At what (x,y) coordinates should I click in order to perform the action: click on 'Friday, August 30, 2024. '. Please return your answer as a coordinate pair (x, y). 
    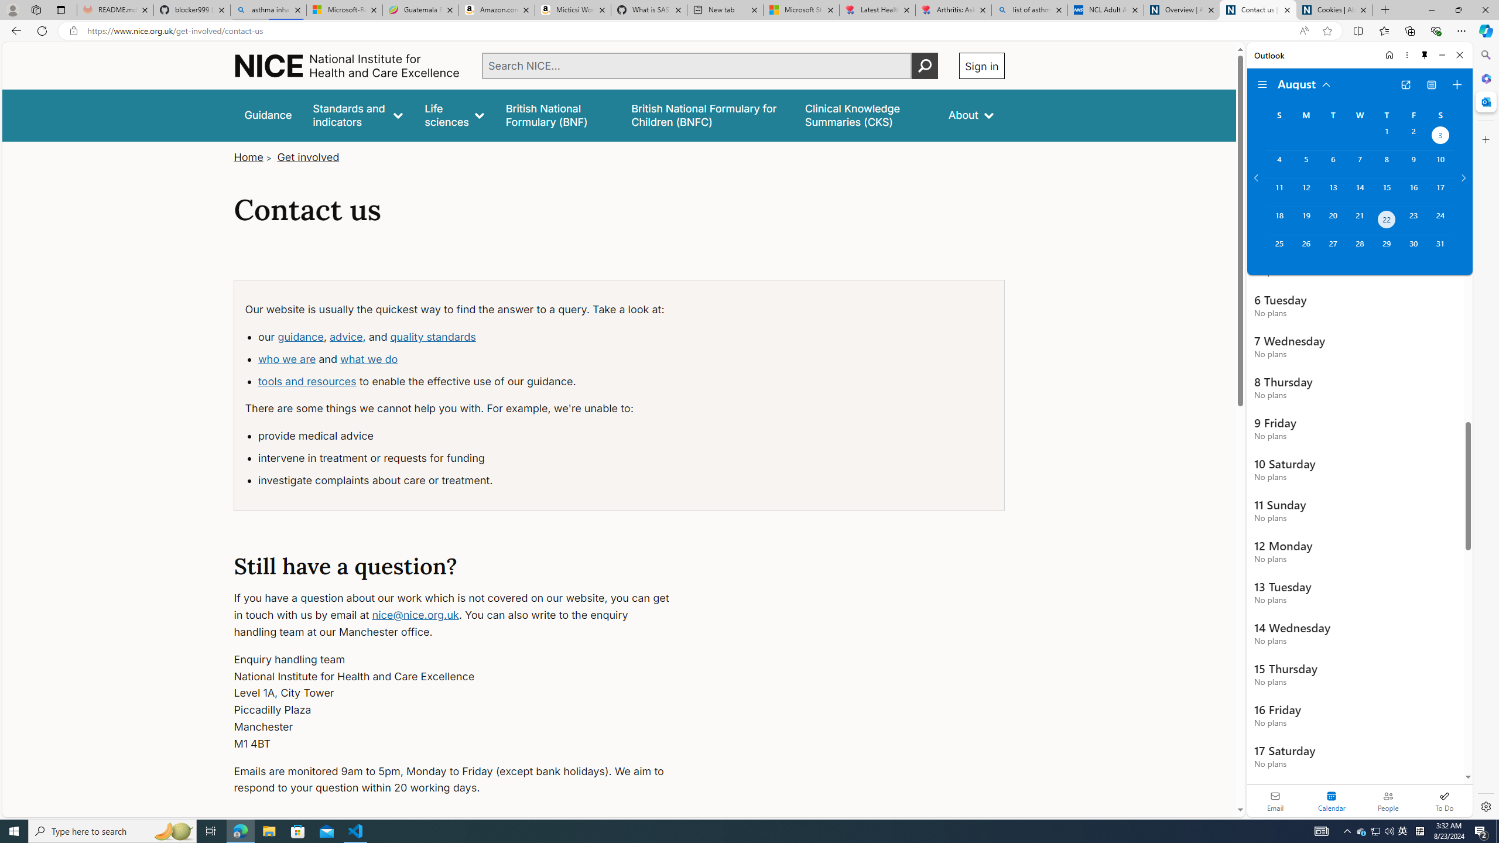
    Looking at the image, I should click on (1413, 249).